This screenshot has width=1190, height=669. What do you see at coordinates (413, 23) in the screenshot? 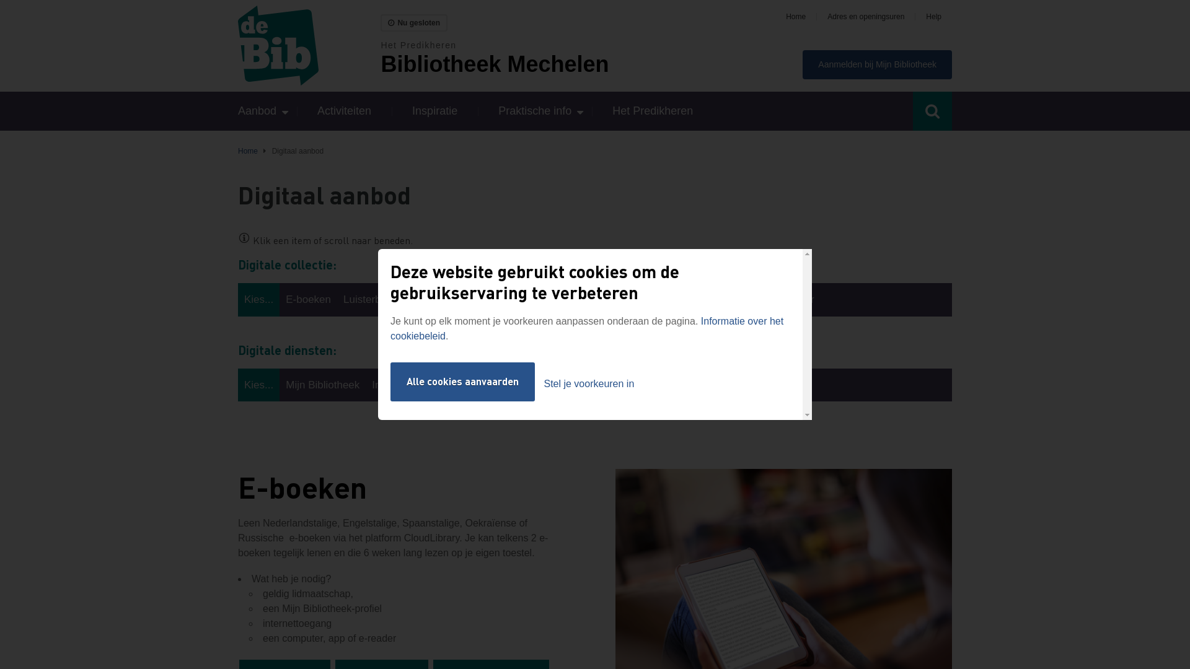
I see `'Nu gesloten'` at bounding box center [413, 23].